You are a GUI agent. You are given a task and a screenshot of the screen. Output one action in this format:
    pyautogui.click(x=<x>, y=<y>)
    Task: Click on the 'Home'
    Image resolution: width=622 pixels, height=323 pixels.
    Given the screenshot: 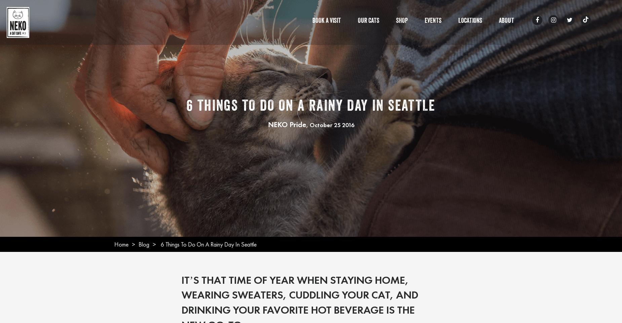 What is the action you would take?
    pyautogui.click(x=121, y=244)
    